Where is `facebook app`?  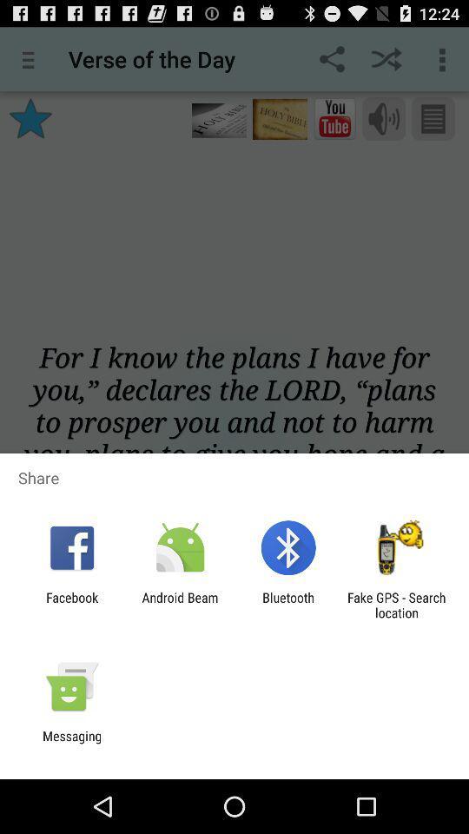 facebook app is located at coordinates (71, 605).